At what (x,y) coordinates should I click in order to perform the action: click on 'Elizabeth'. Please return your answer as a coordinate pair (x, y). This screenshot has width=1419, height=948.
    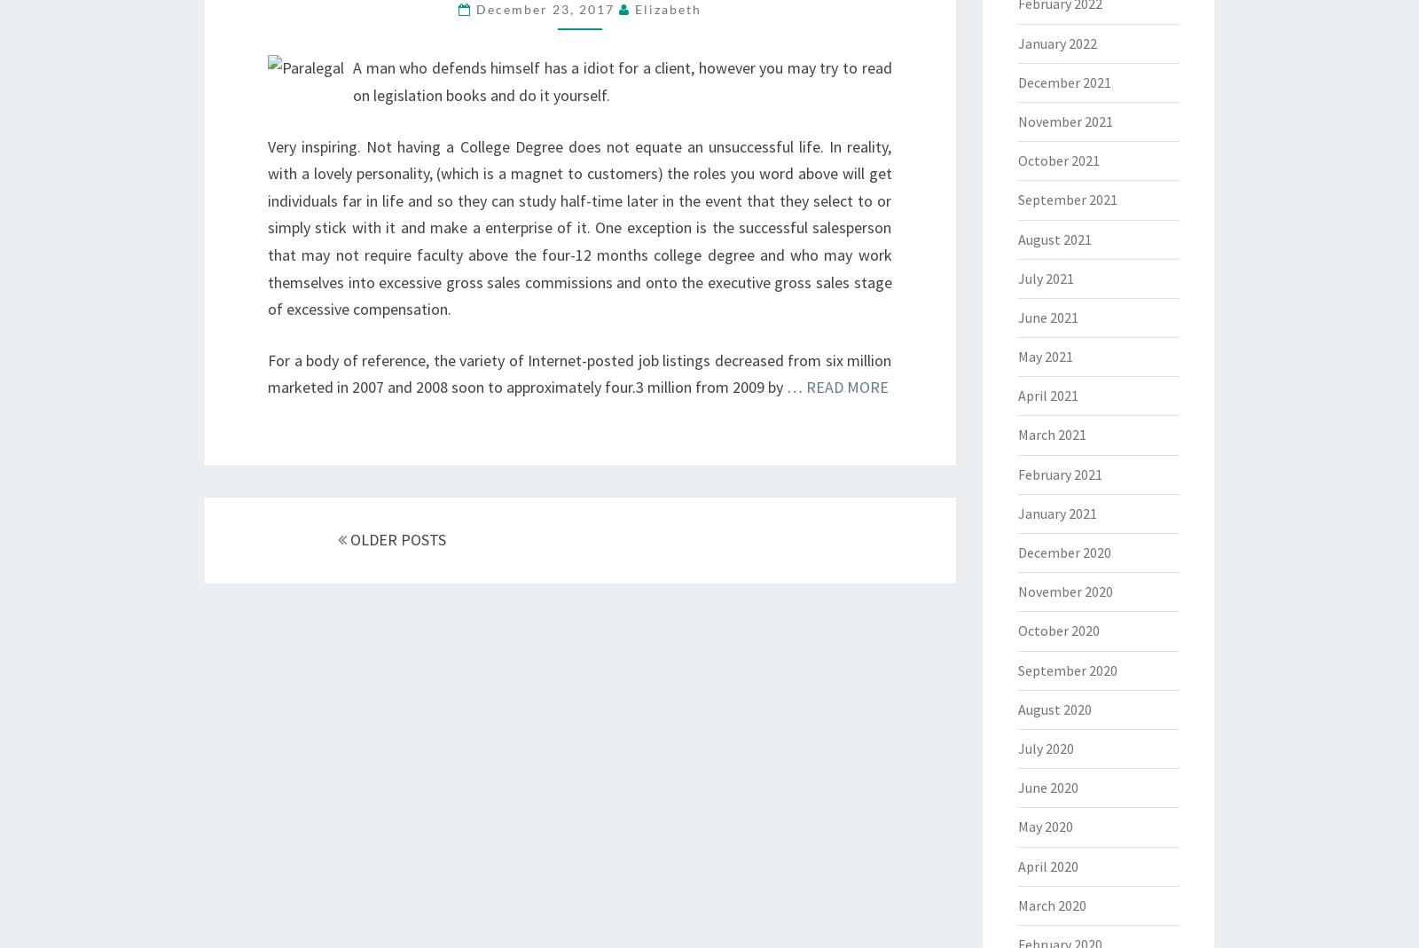
    Looking at the image, I should click on (667, 7).